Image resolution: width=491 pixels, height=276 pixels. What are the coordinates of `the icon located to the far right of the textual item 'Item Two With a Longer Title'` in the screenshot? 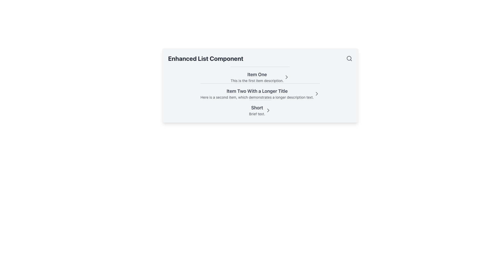 It's located at (316, 94).